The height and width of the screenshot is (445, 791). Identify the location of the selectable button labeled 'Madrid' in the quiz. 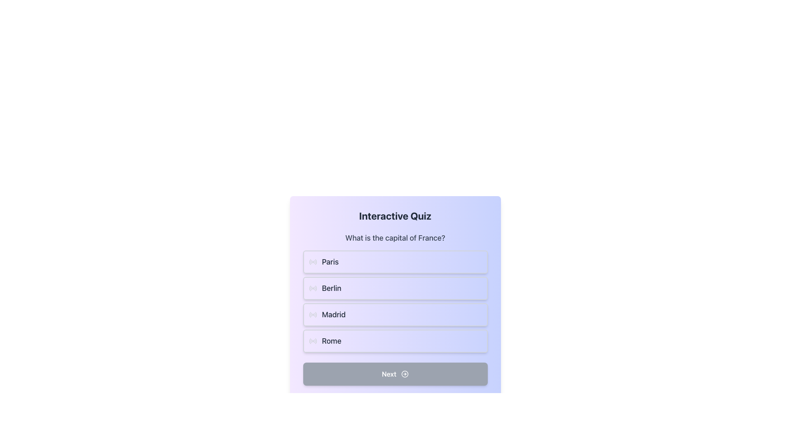
(395, 302).